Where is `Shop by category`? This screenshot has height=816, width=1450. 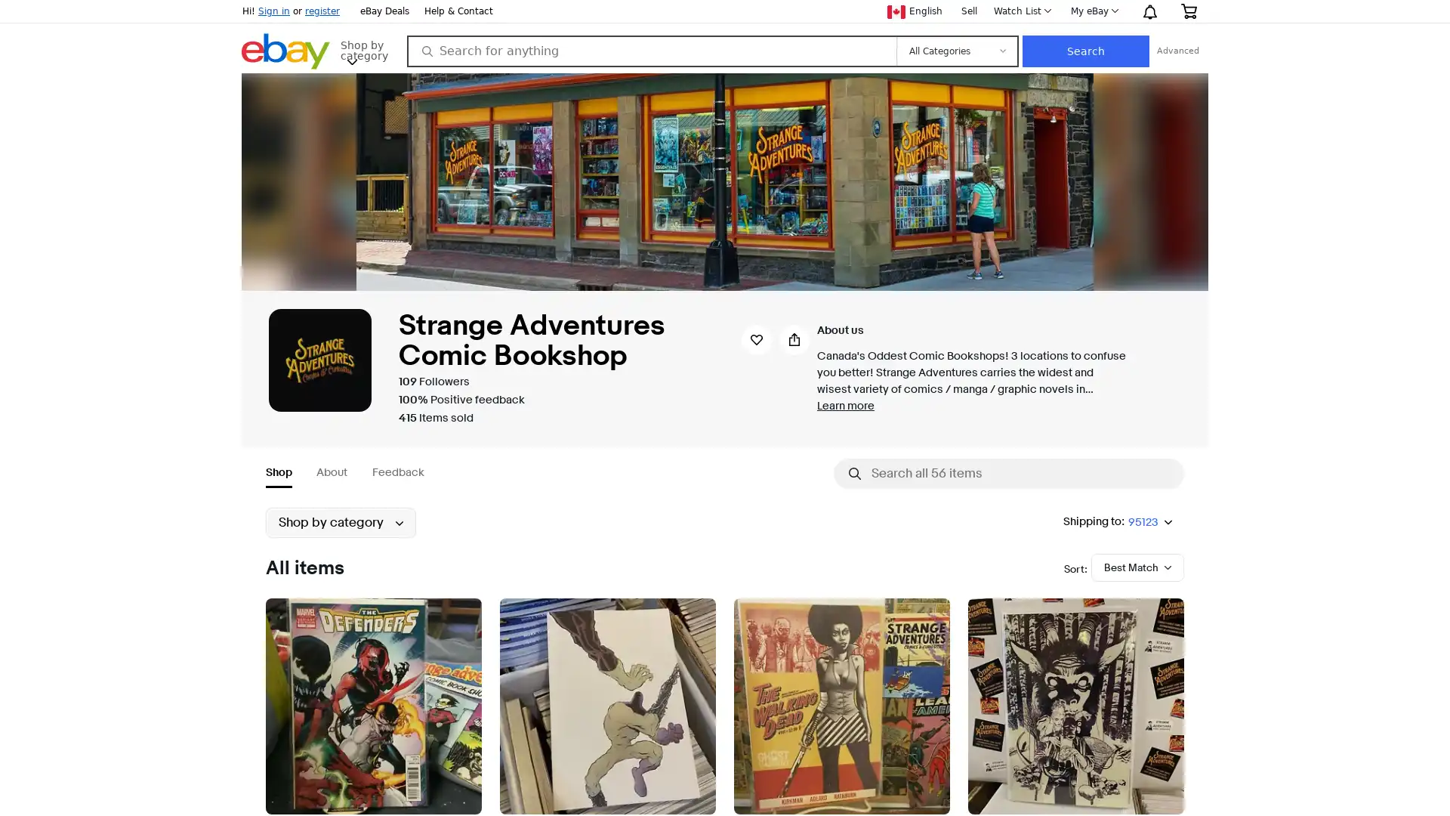 Shop by category is located at coordinates (340, 521).